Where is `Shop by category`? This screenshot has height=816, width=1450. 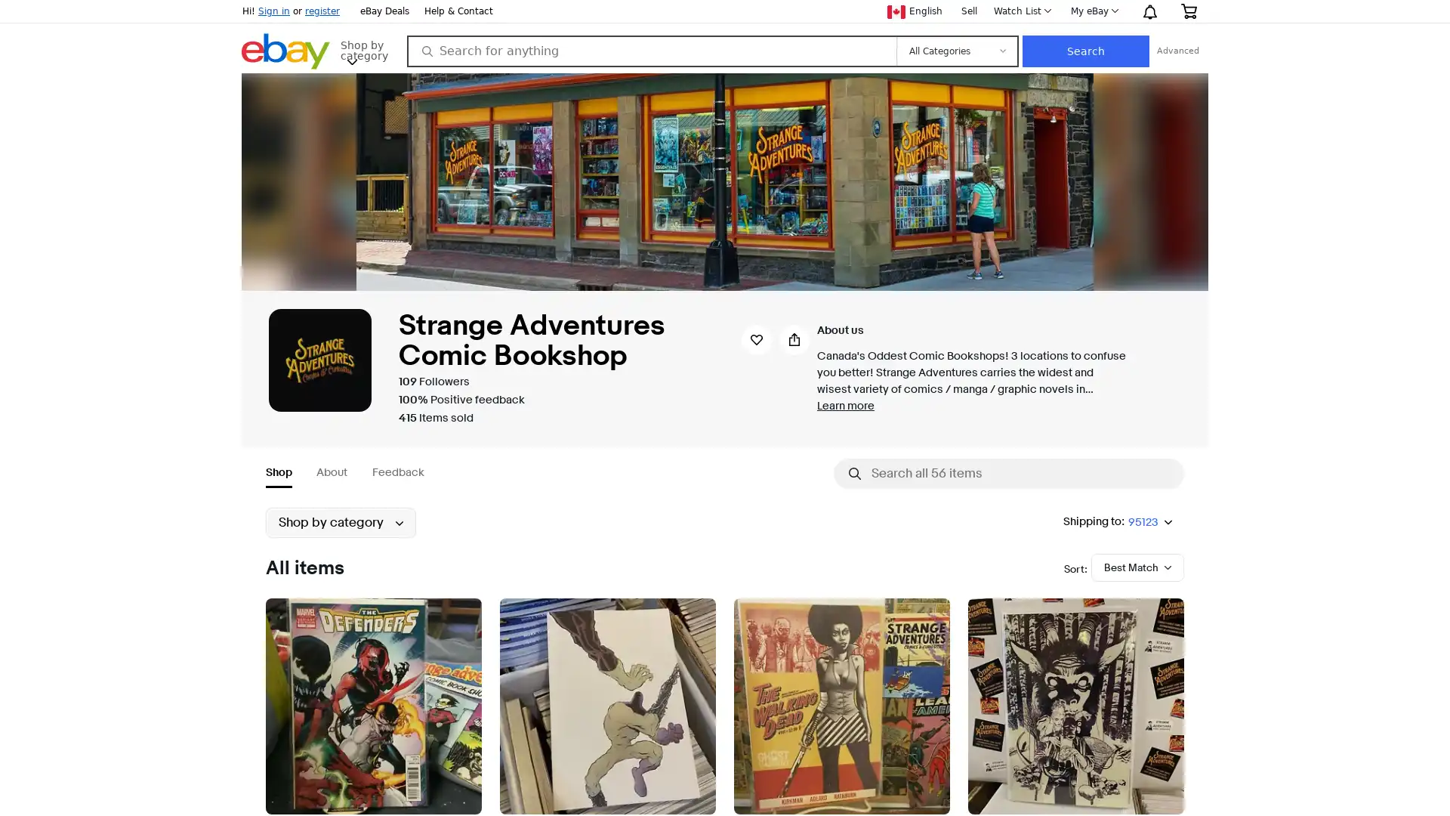 Shop by category is located at coordinates (340, 521).